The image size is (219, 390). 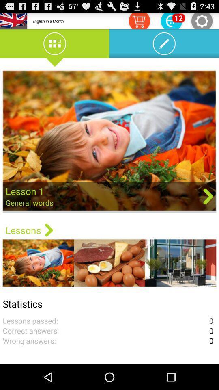 What do you see at coordinates (139, 22) in the screenshot?
I see `the cart icon` at bounding box center [139, 22].